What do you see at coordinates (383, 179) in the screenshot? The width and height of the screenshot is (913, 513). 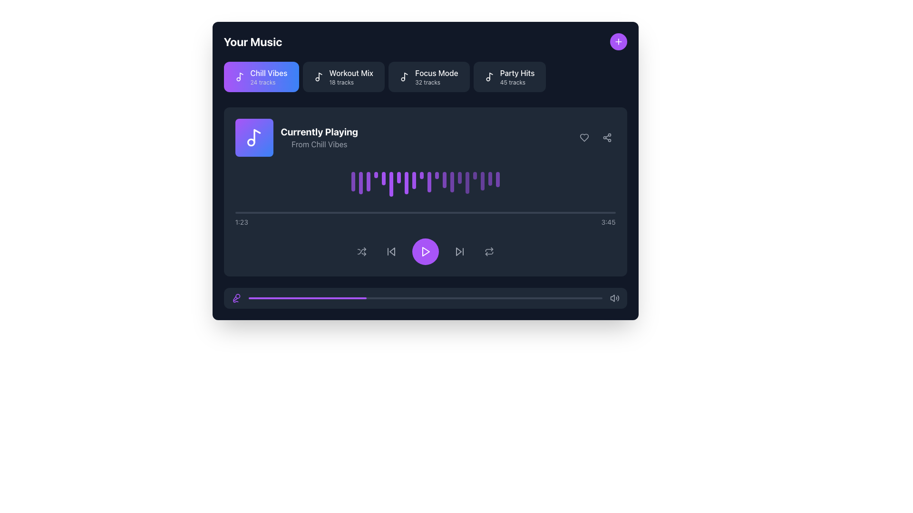 I see `the 5th bar of the waveform visualization in the 'Currently Playing' section of the music player interface` at bounding box center [383, 179].